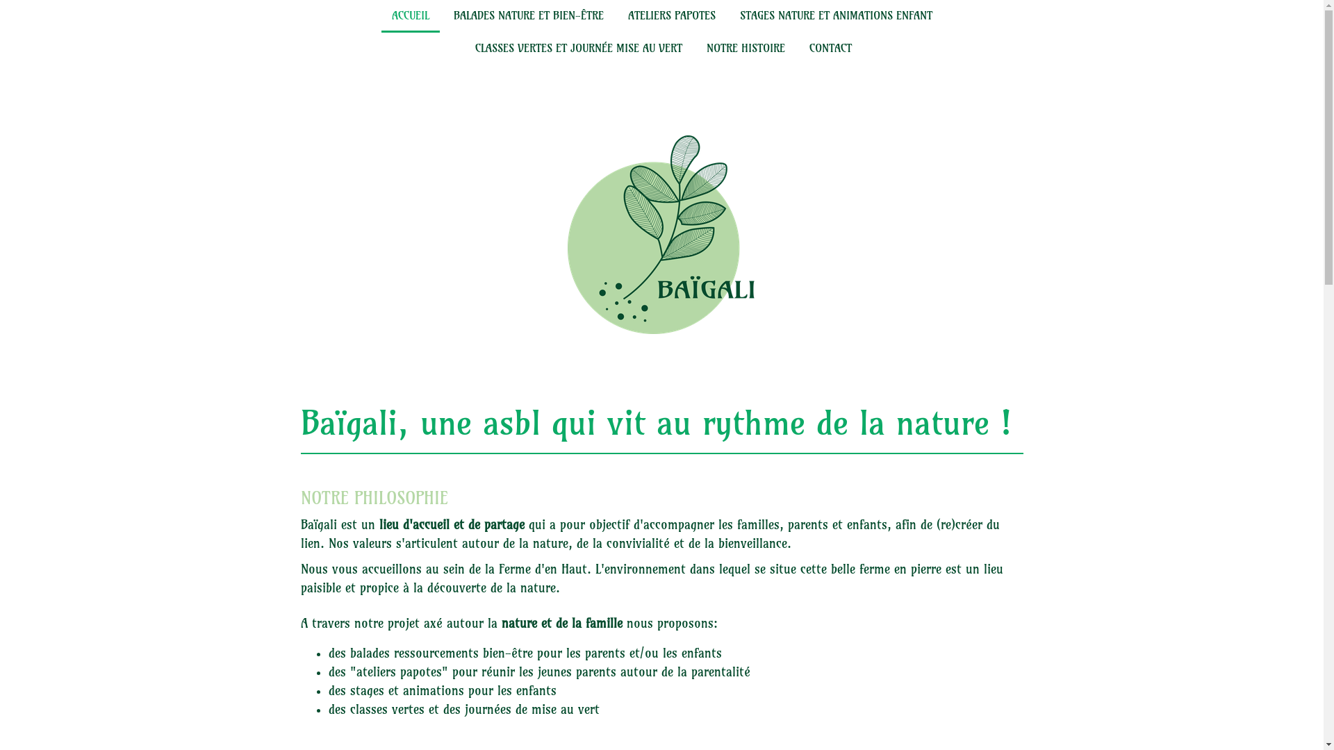 The image size is (1334, 750). Describe the element at coordinates (616, 16) in the screenshot. I see `'ATELIERS PAPOTES'` at that location.